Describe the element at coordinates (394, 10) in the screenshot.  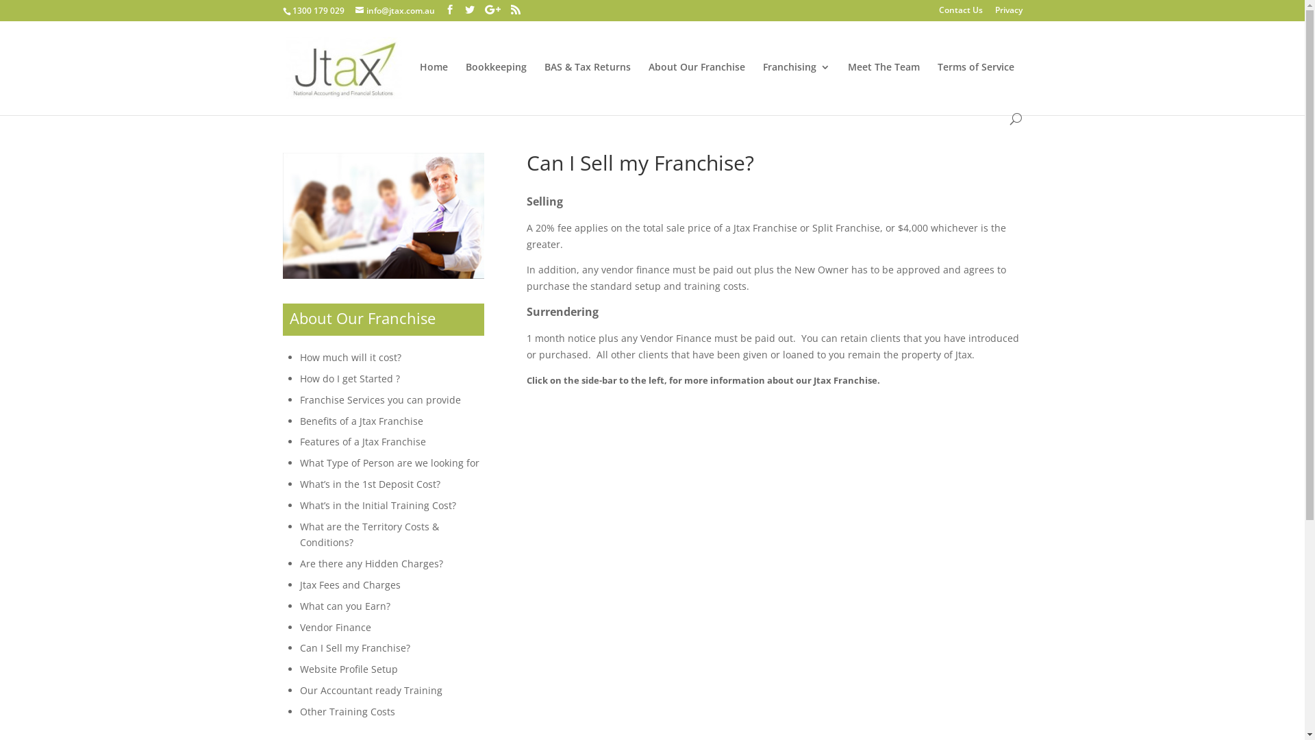
I see `'info@jtax.com.au'` at that location.